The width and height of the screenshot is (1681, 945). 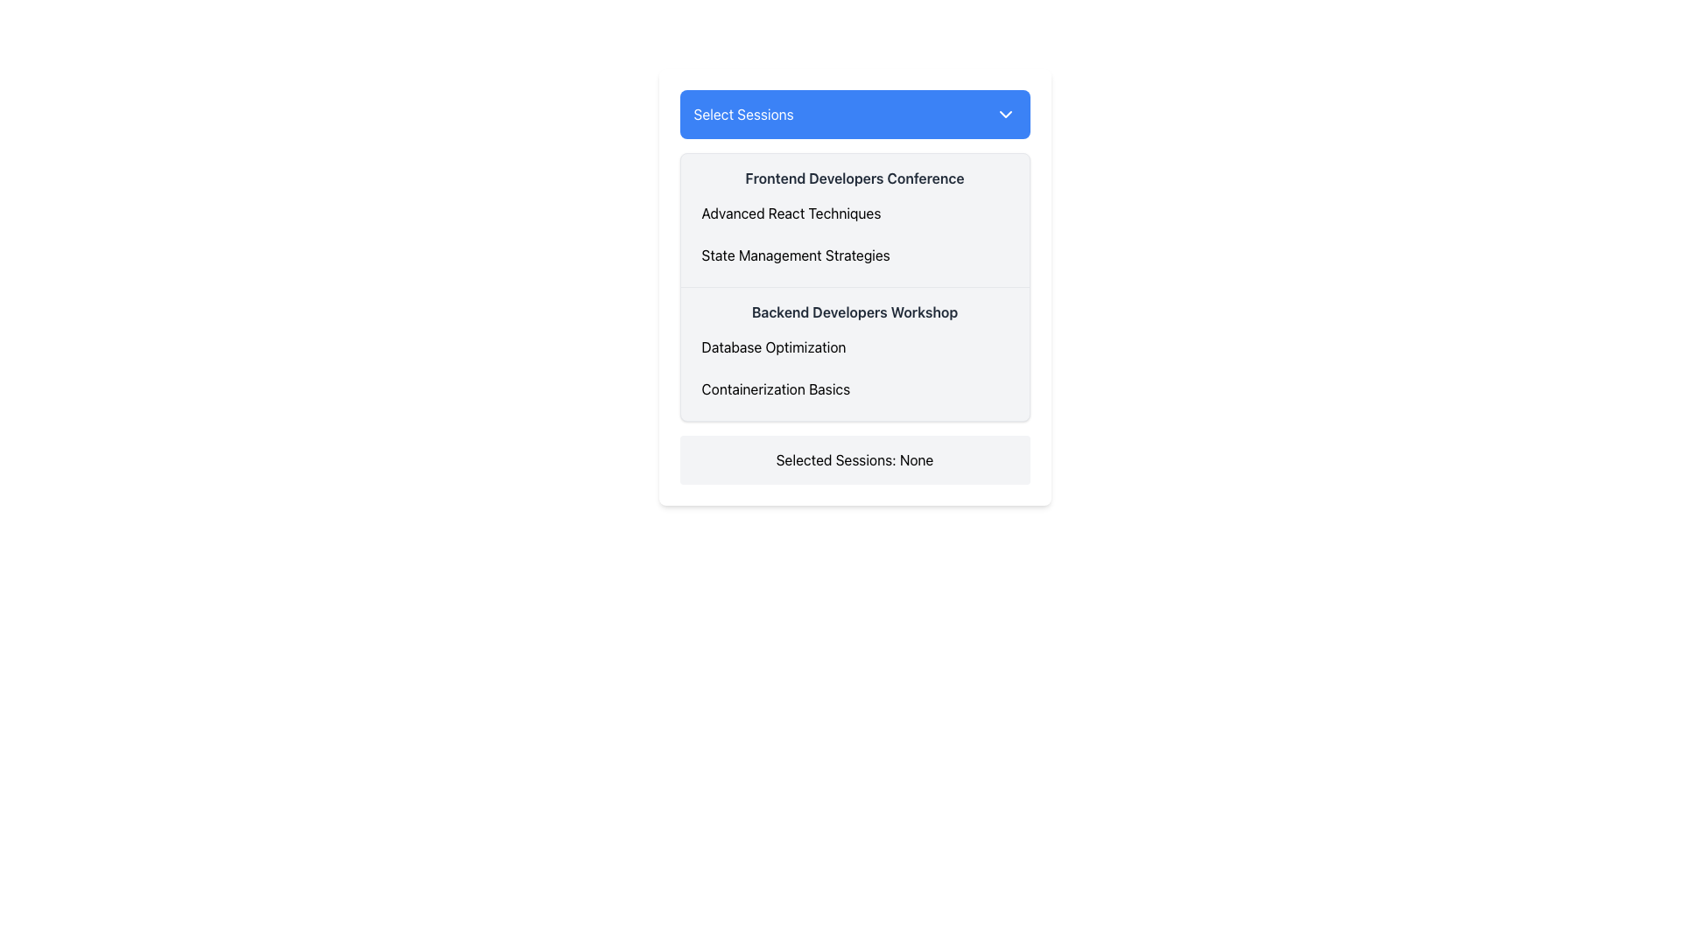 What do you see at coordinates (855, 353) in the screenshot?
I see `the second session block in the dropdown of the modal that serves as a session descriptor, which provides a title and detailed topics covered within the session` at bounding box center [855, 353].